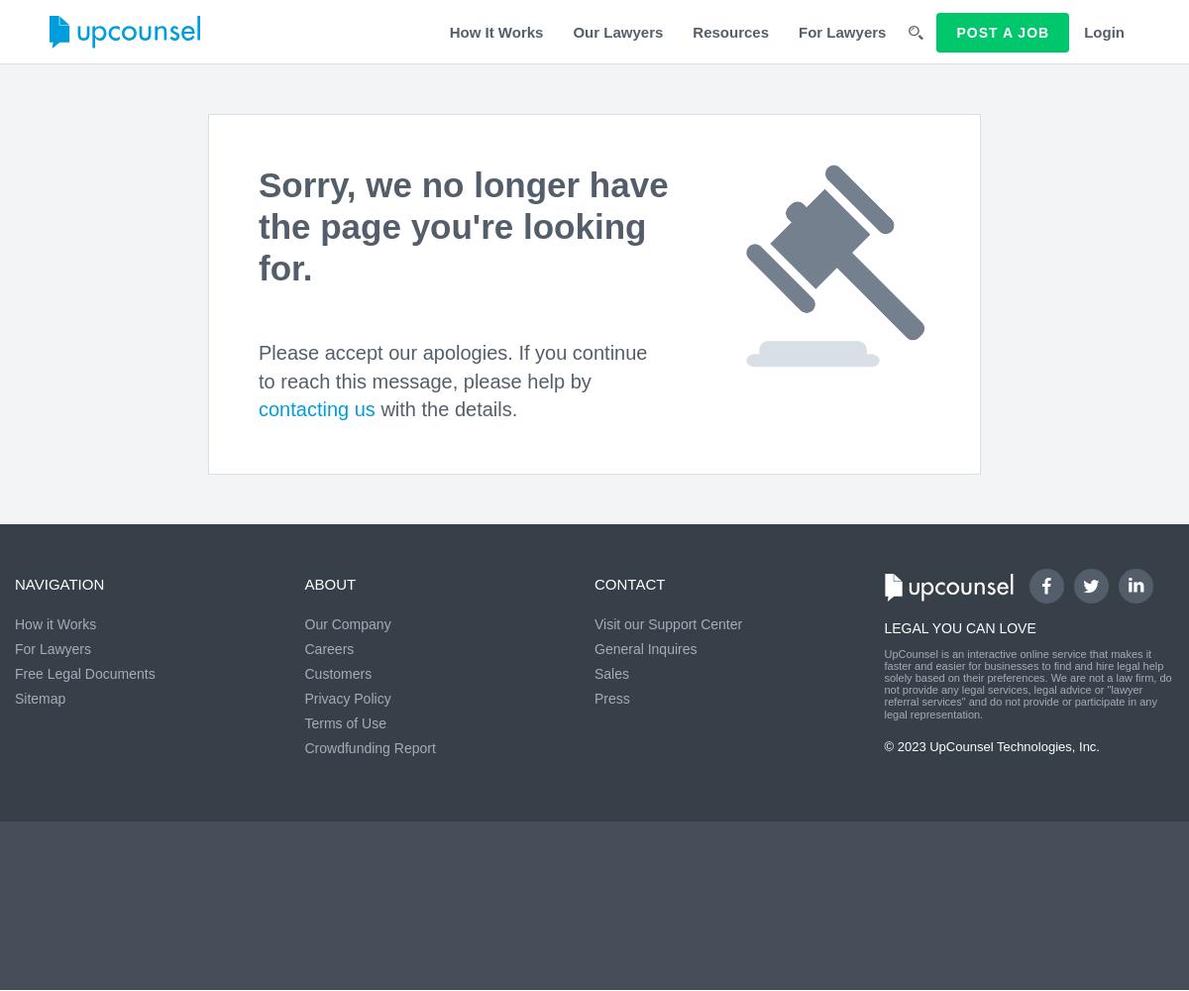 The height and width of the screenshot is (991, 1189). What do you see at coordinates (959, 628) in the screenshot?
I see `'LEGAL YOU CAN LOVE'` at bounding box center [959, 628].